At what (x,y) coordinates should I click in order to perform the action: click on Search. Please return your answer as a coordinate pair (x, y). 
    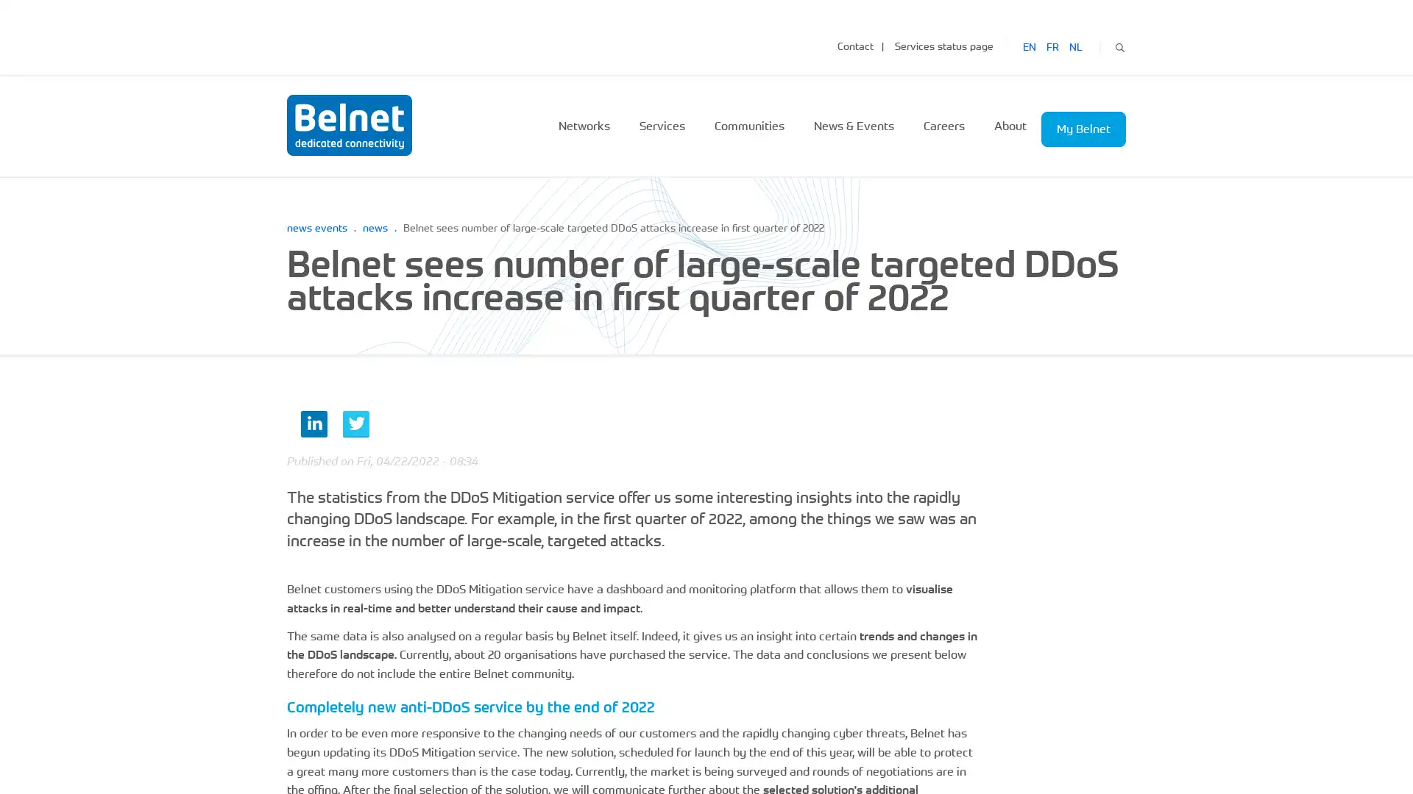
    Looking at the image, I should click on (1119, 45).